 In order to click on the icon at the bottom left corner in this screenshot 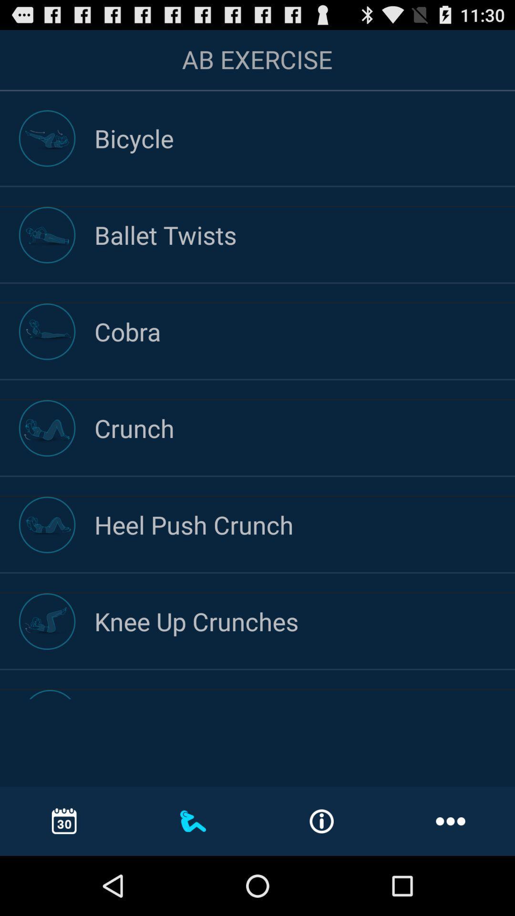, I will do `click(64, 821)`.